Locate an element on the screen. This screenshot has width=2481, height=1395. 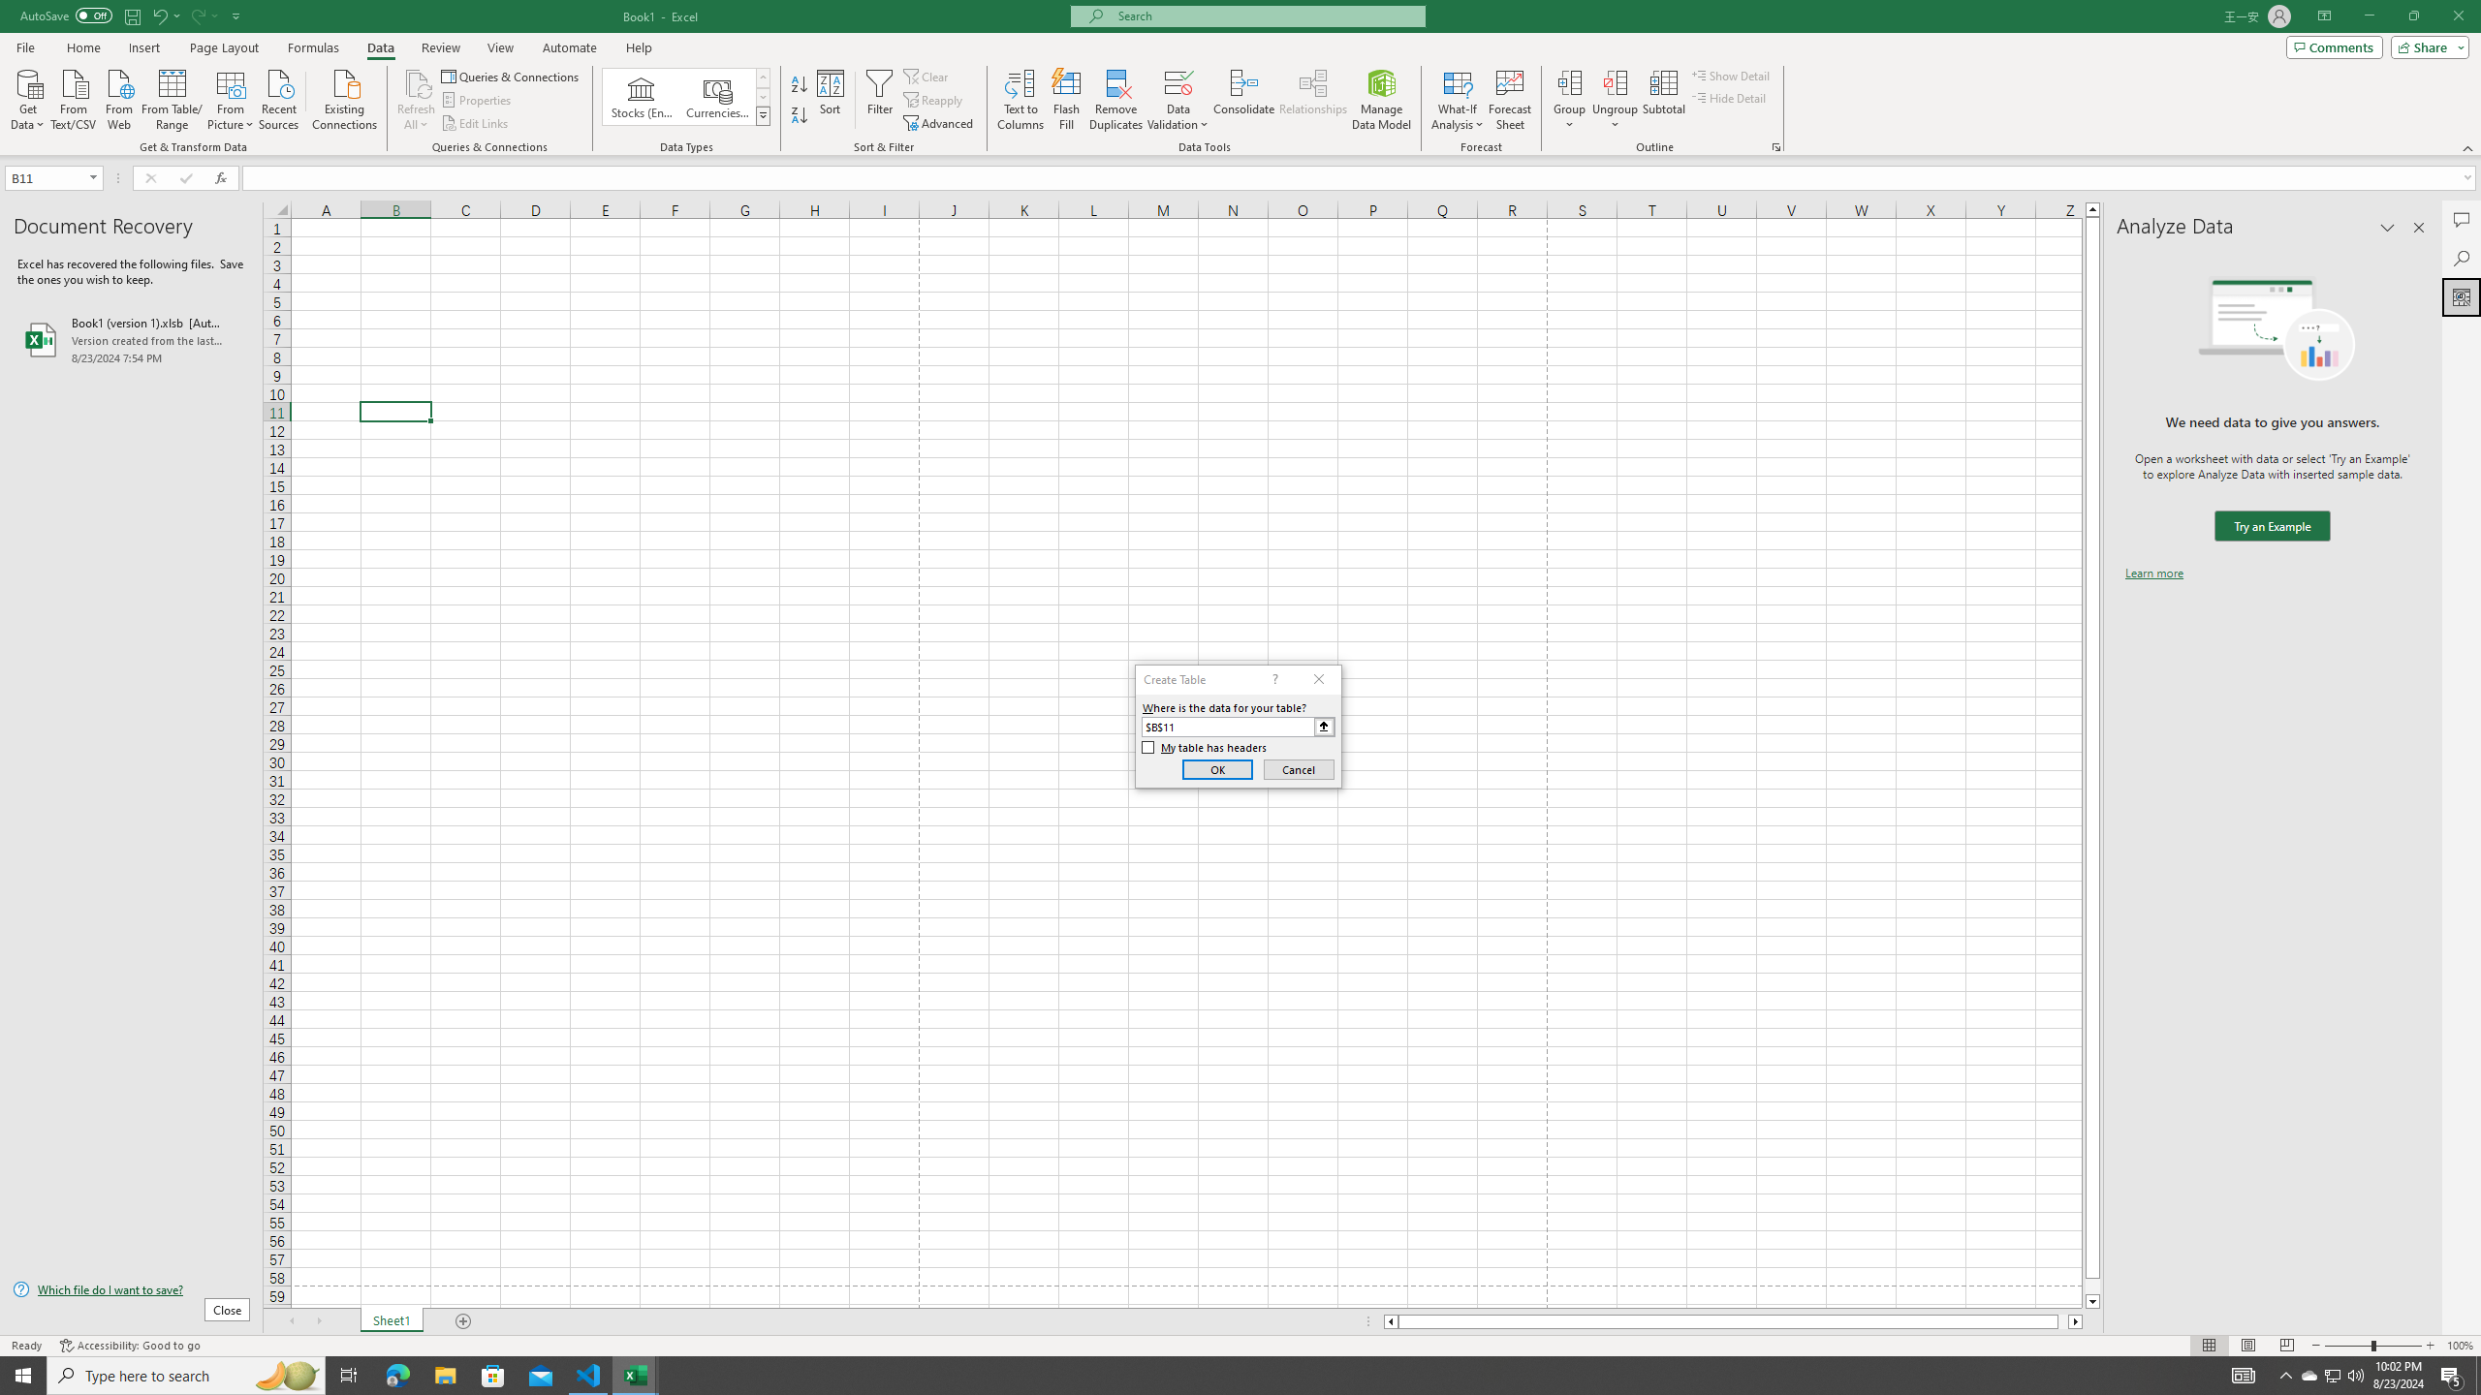
'Relationships' is located at coordinates (1312, 100).